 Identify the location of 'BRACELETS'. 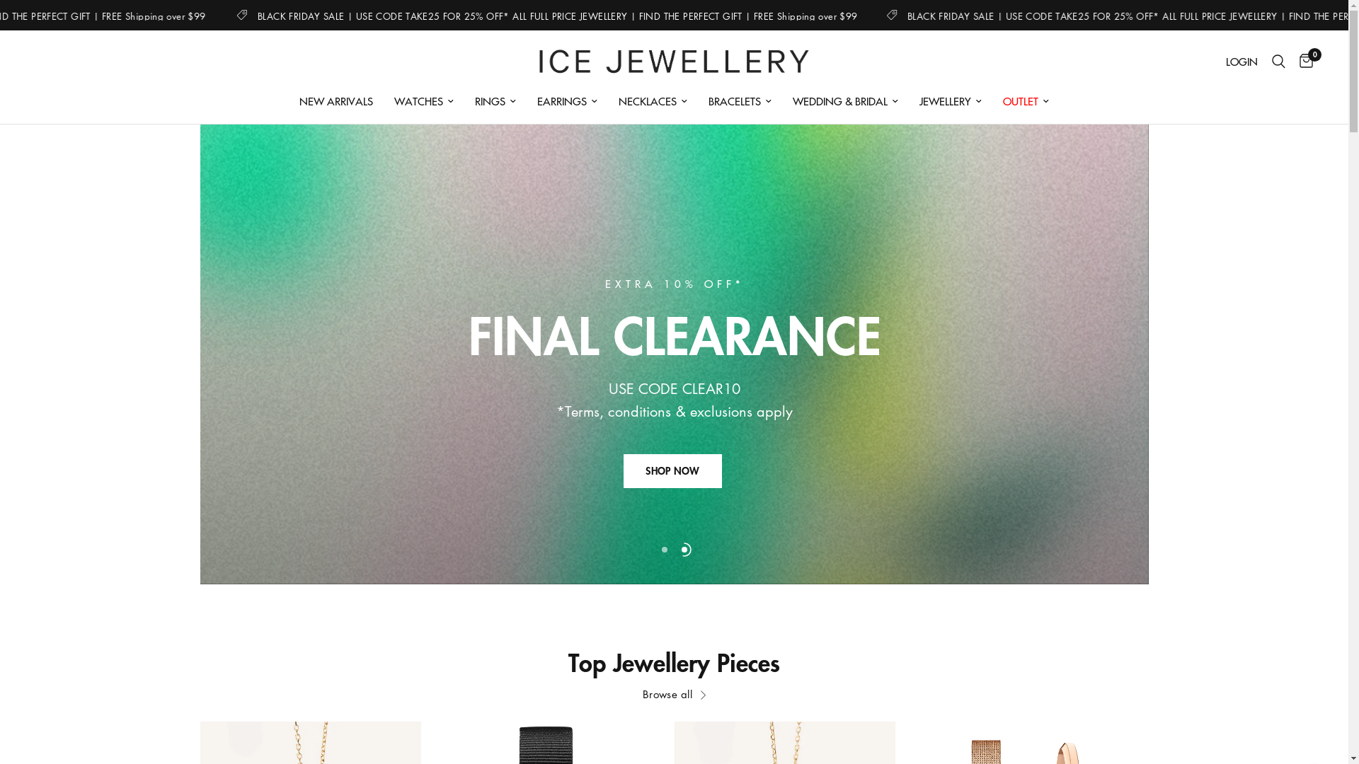
(739, 100).